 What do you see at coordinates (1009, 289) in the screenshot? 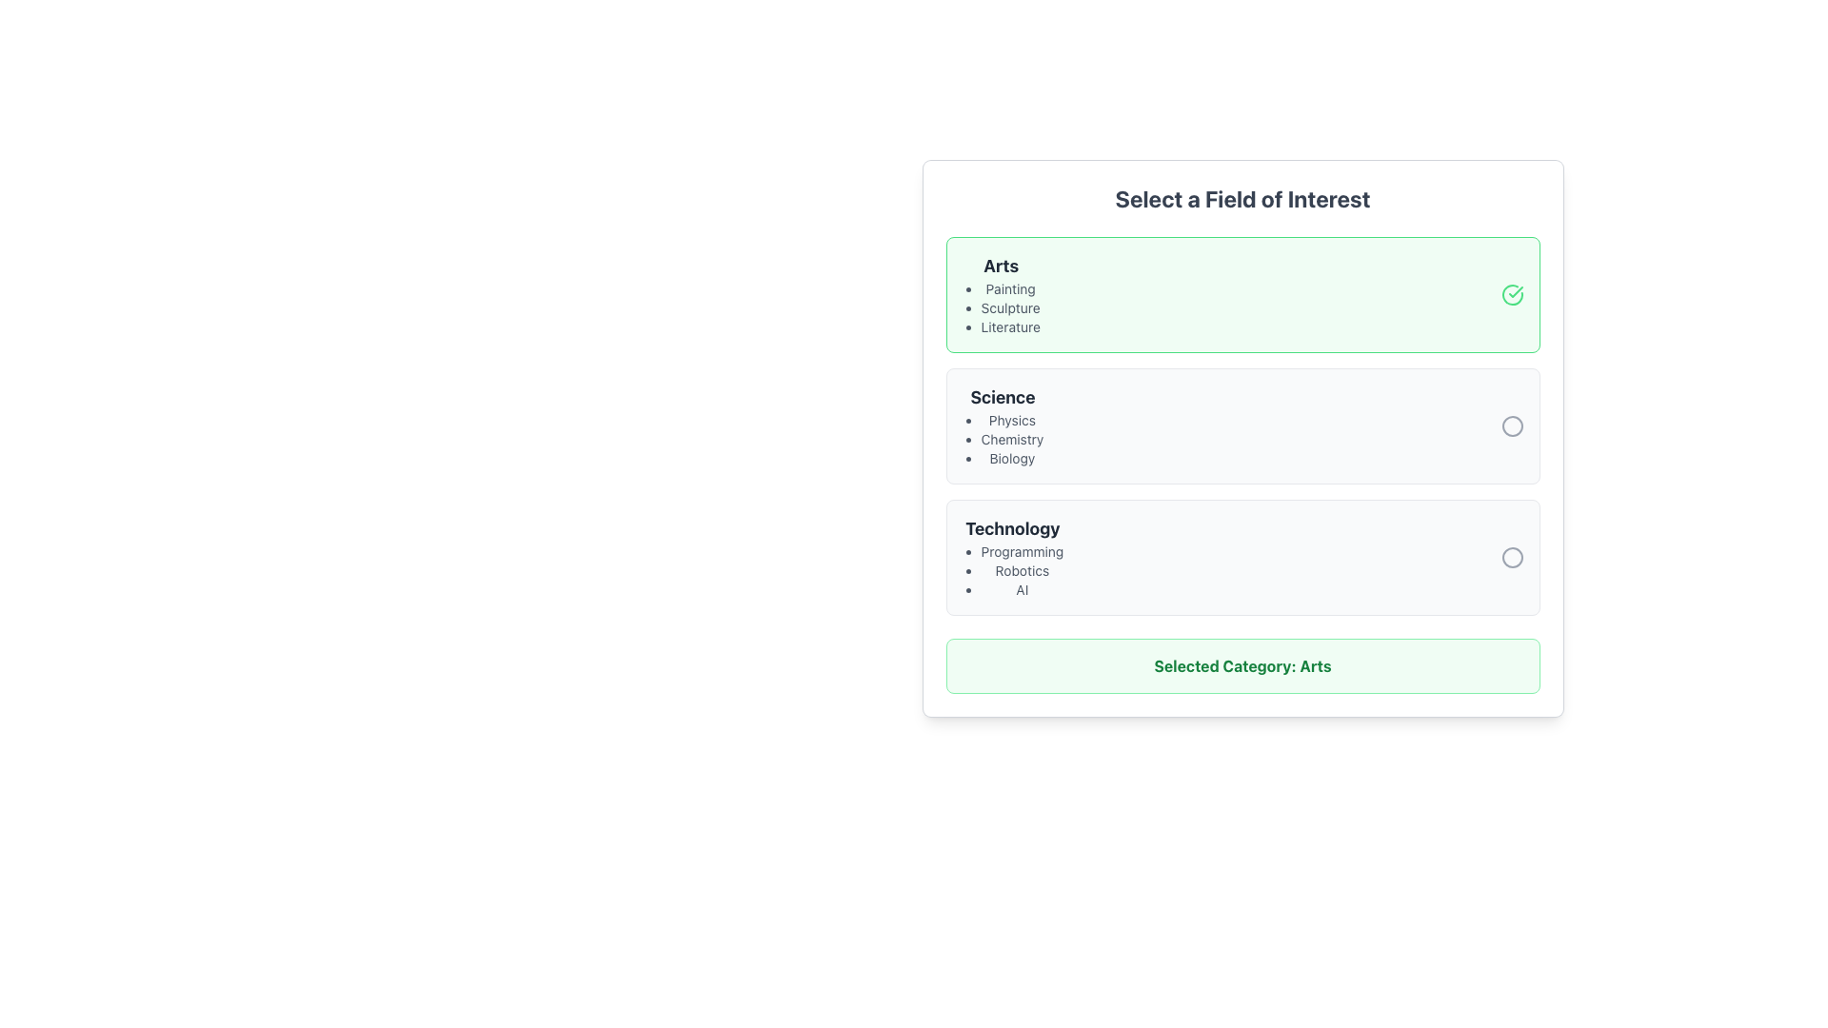
I see `the 'Painting' text label in the 'Arts' field of interest, which is the first item in the list above 'Sculpture' and 'Literature'` at bounding box center [1009, 289].